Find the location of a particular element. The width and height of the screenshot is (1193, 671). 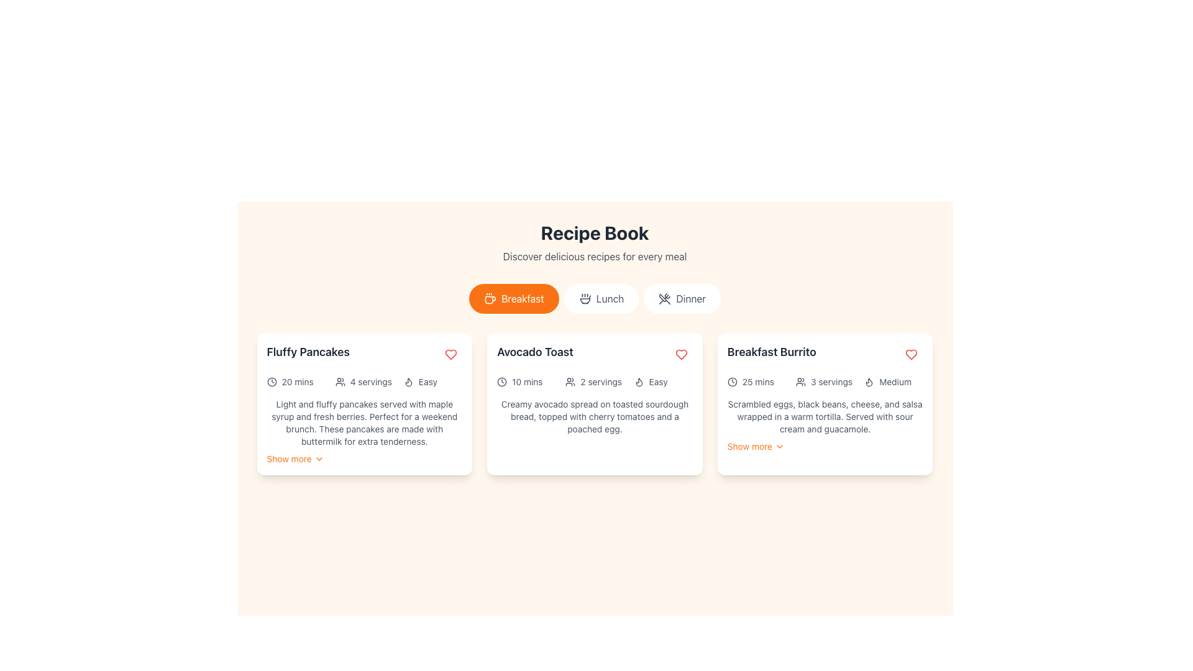

the estimated cooking time text label for the 'Breakfast Burrito' recipe, located at the top left of the recipe card is located at coordinates (756, 381).